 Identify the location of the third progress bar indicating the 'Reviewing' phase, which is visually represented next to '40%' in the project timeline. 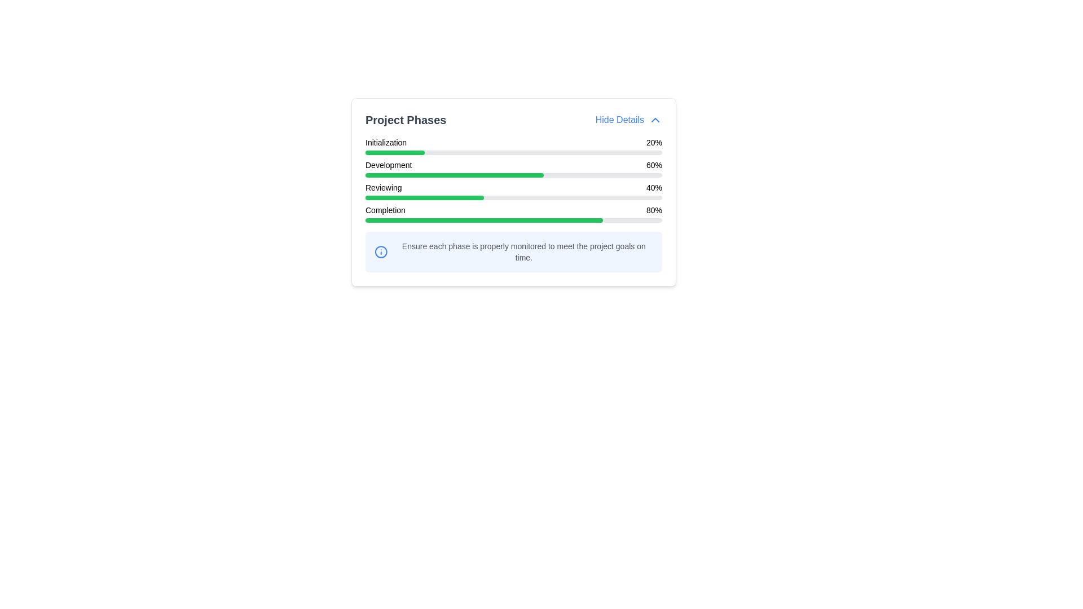
(513, 197).